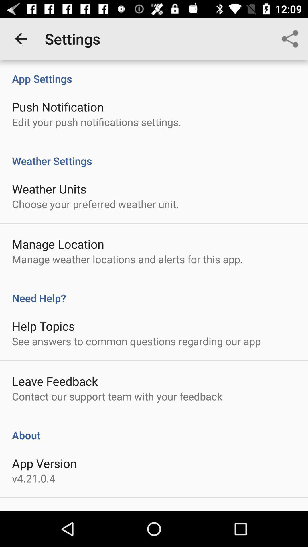  I want to click on contact our support, so click(117, 396).